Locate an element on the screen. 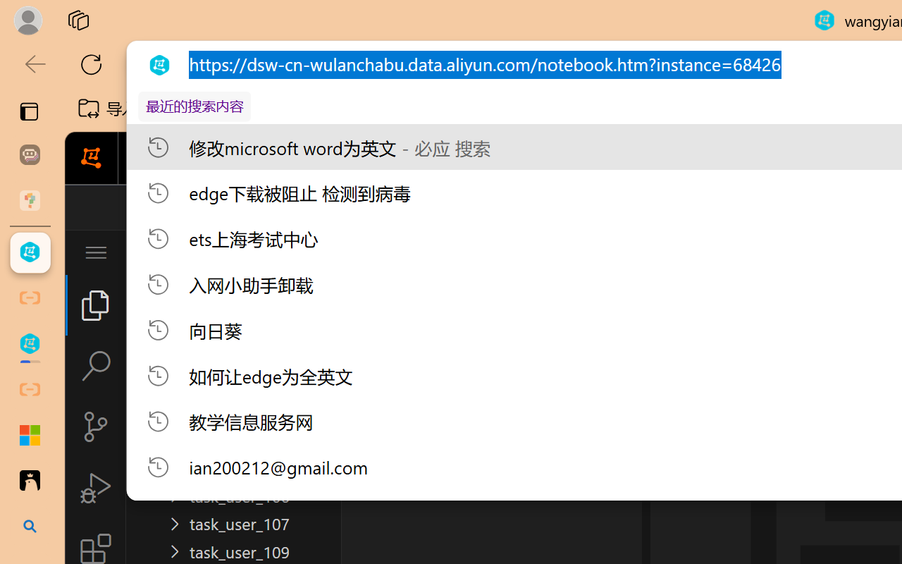  'Run and Debug (Ctrl+Shift+D)' is located at coordinates (94, 488).